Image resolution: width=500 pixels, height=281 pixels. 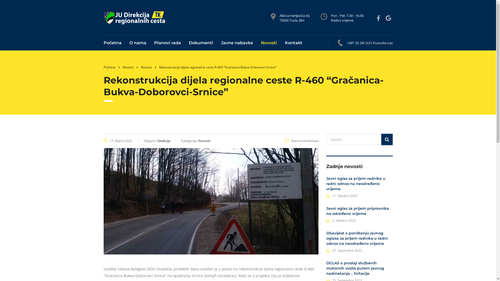 I want to click on 'Planovi rada', so click(x=167, y=43).